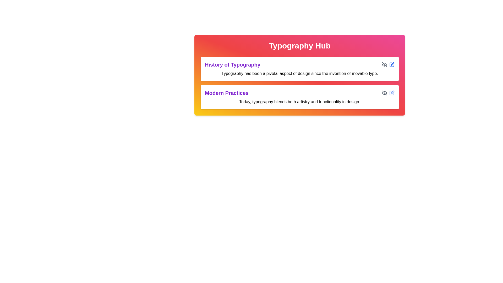 The width and height of the screenshot is (503, 283). What do you see at coordinates (392, 64) in the screenshot?
I see `the edit button icon for the 'History of Typography' section` at bounding box center [392, 64].